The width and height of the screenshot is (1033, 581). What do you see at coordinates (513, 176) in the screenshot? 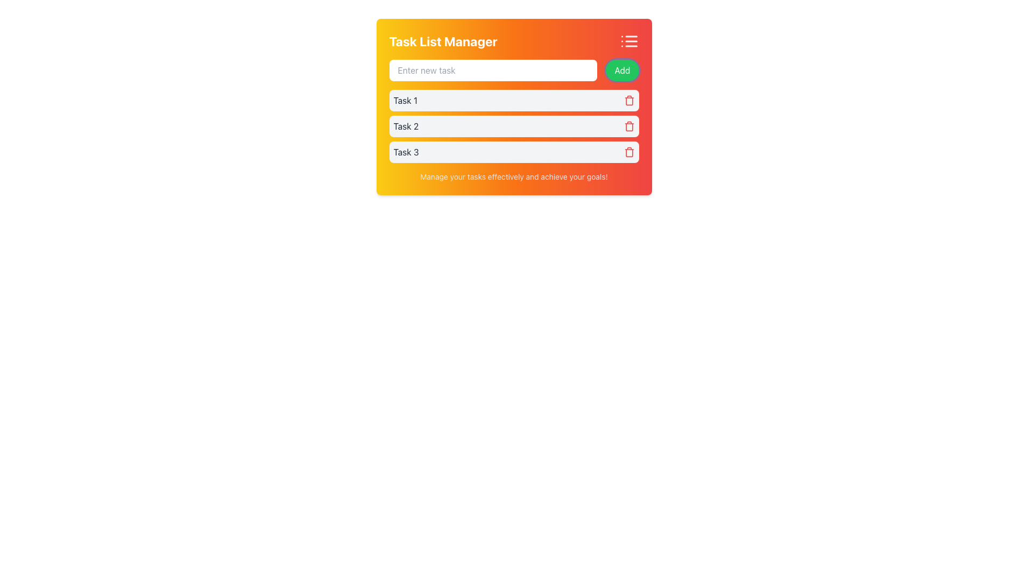
I see `the Static Text Section in the footer of the task manager UI that displays the message 'Manage your tasks effectively and achieve your goals!'` at bounding box center [513, 176].